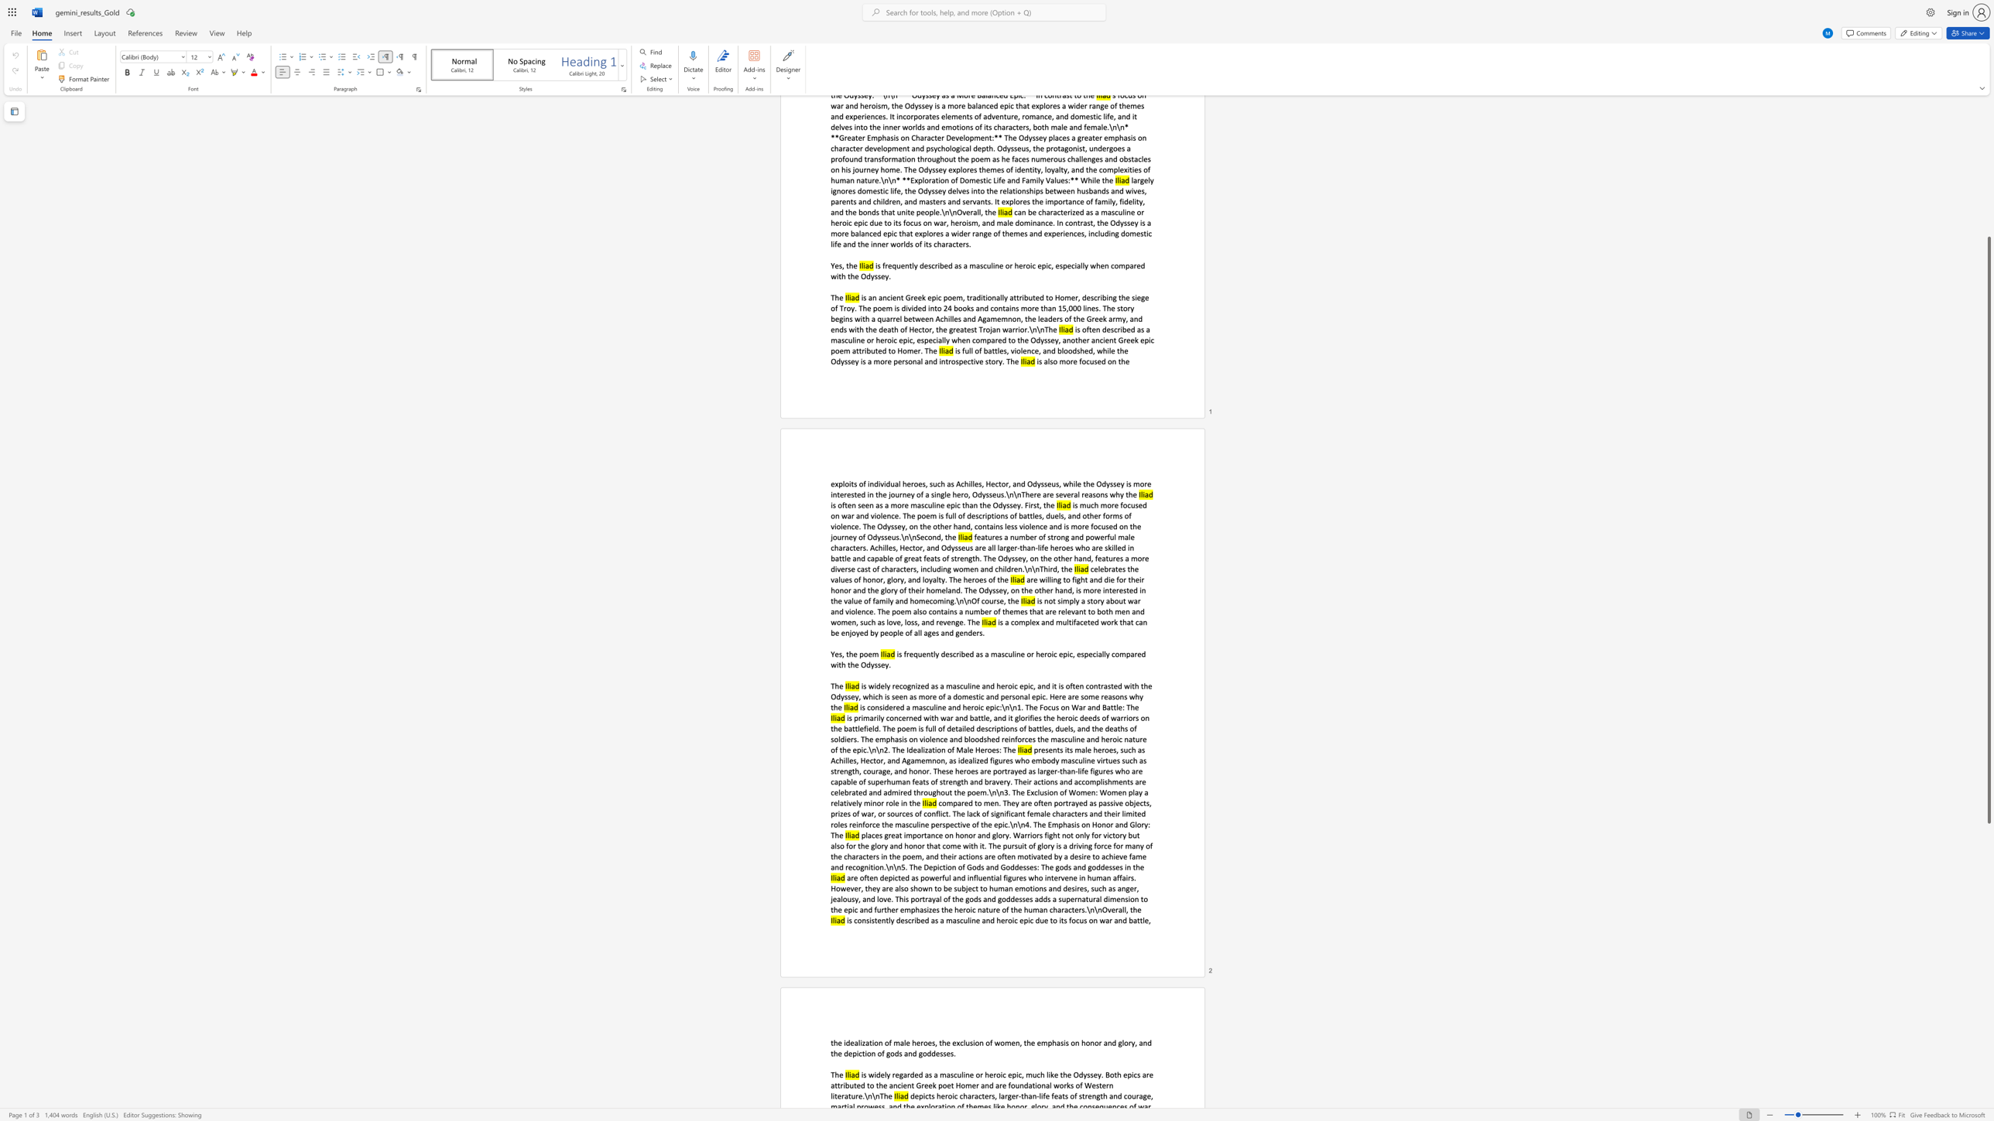  I want to click on the right-hand scrollbar to ascend the page, so click(1988, 155).